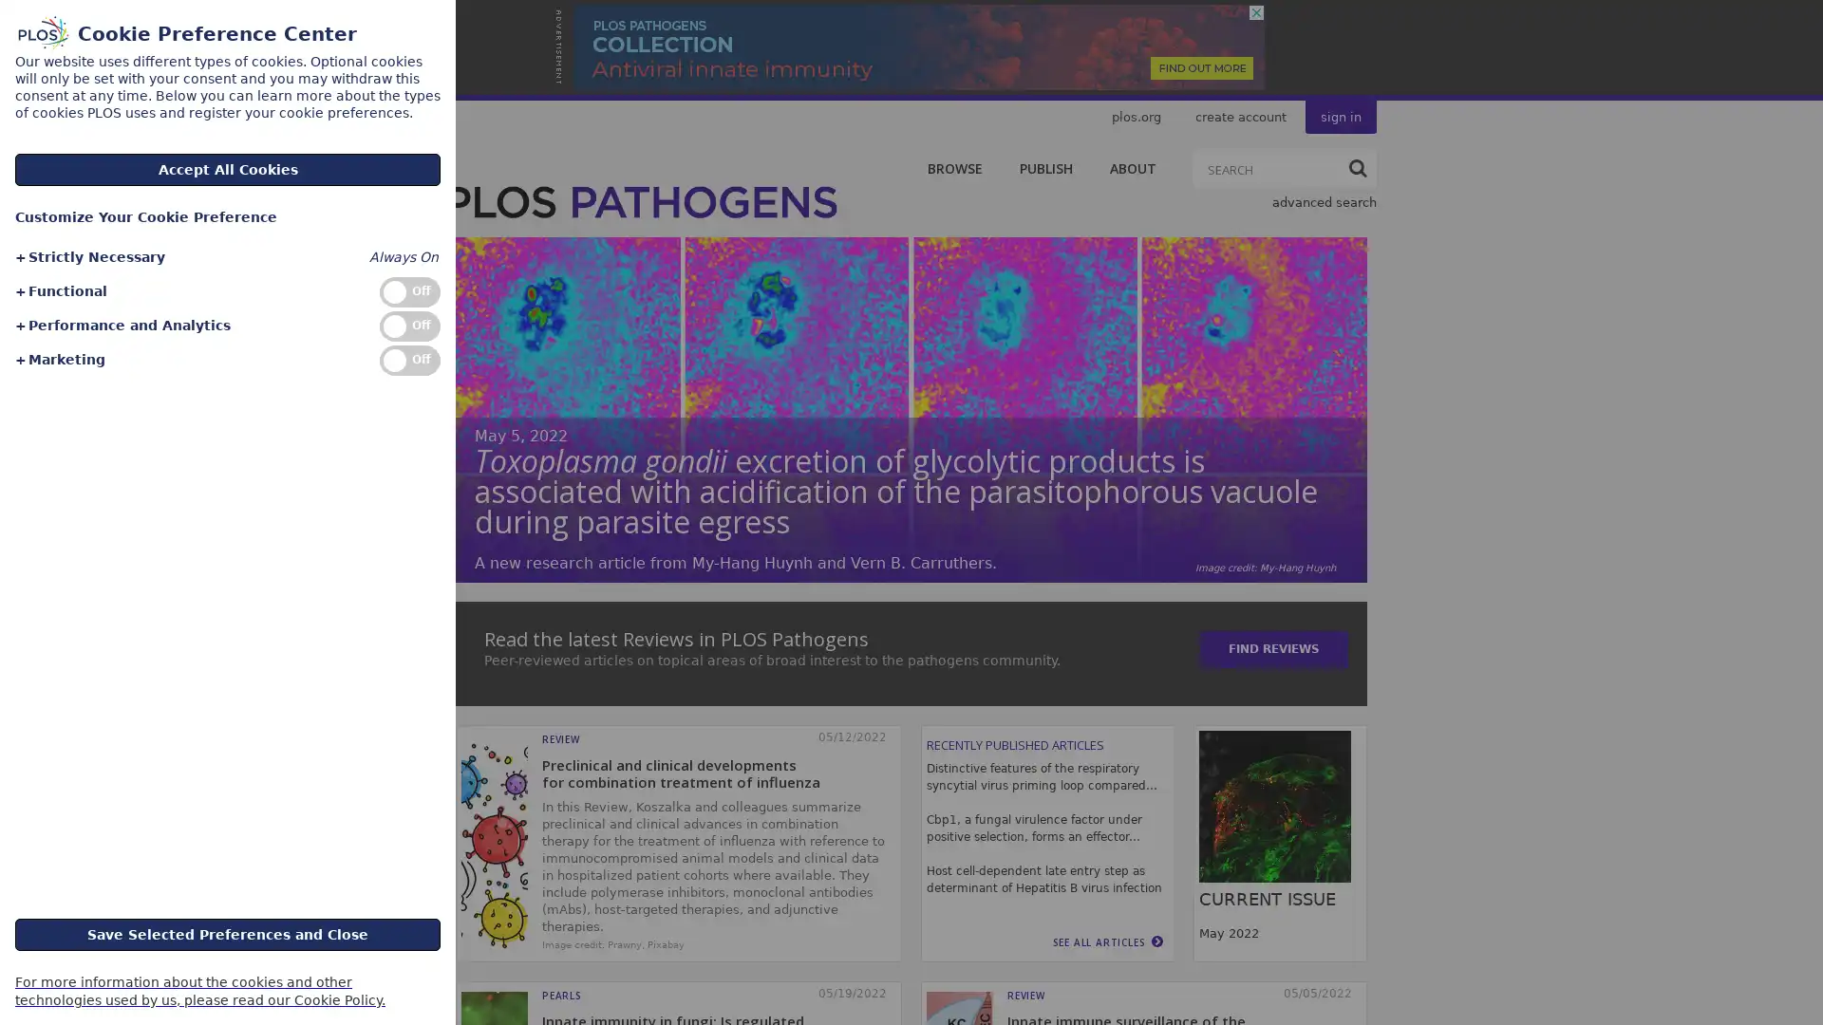 The height and width of the screenshot is (1025, 1823). I want to click on Toggle explanation of Functional Cookies., so click(60, 291).